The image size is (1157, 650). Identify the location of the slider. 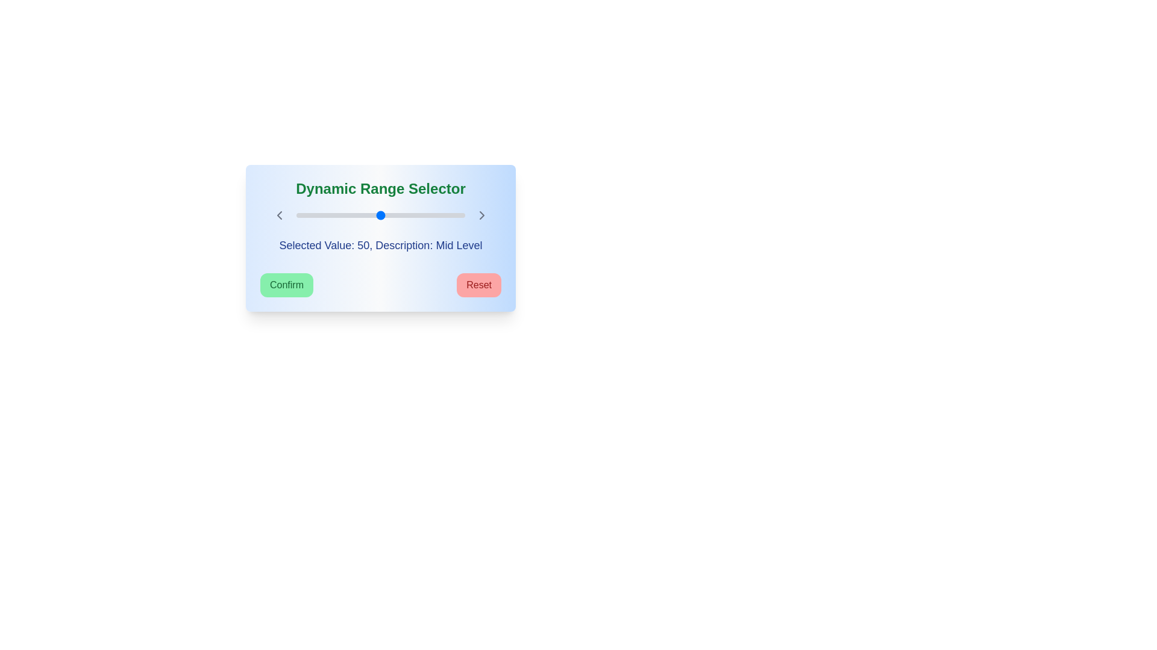
(454, 215).